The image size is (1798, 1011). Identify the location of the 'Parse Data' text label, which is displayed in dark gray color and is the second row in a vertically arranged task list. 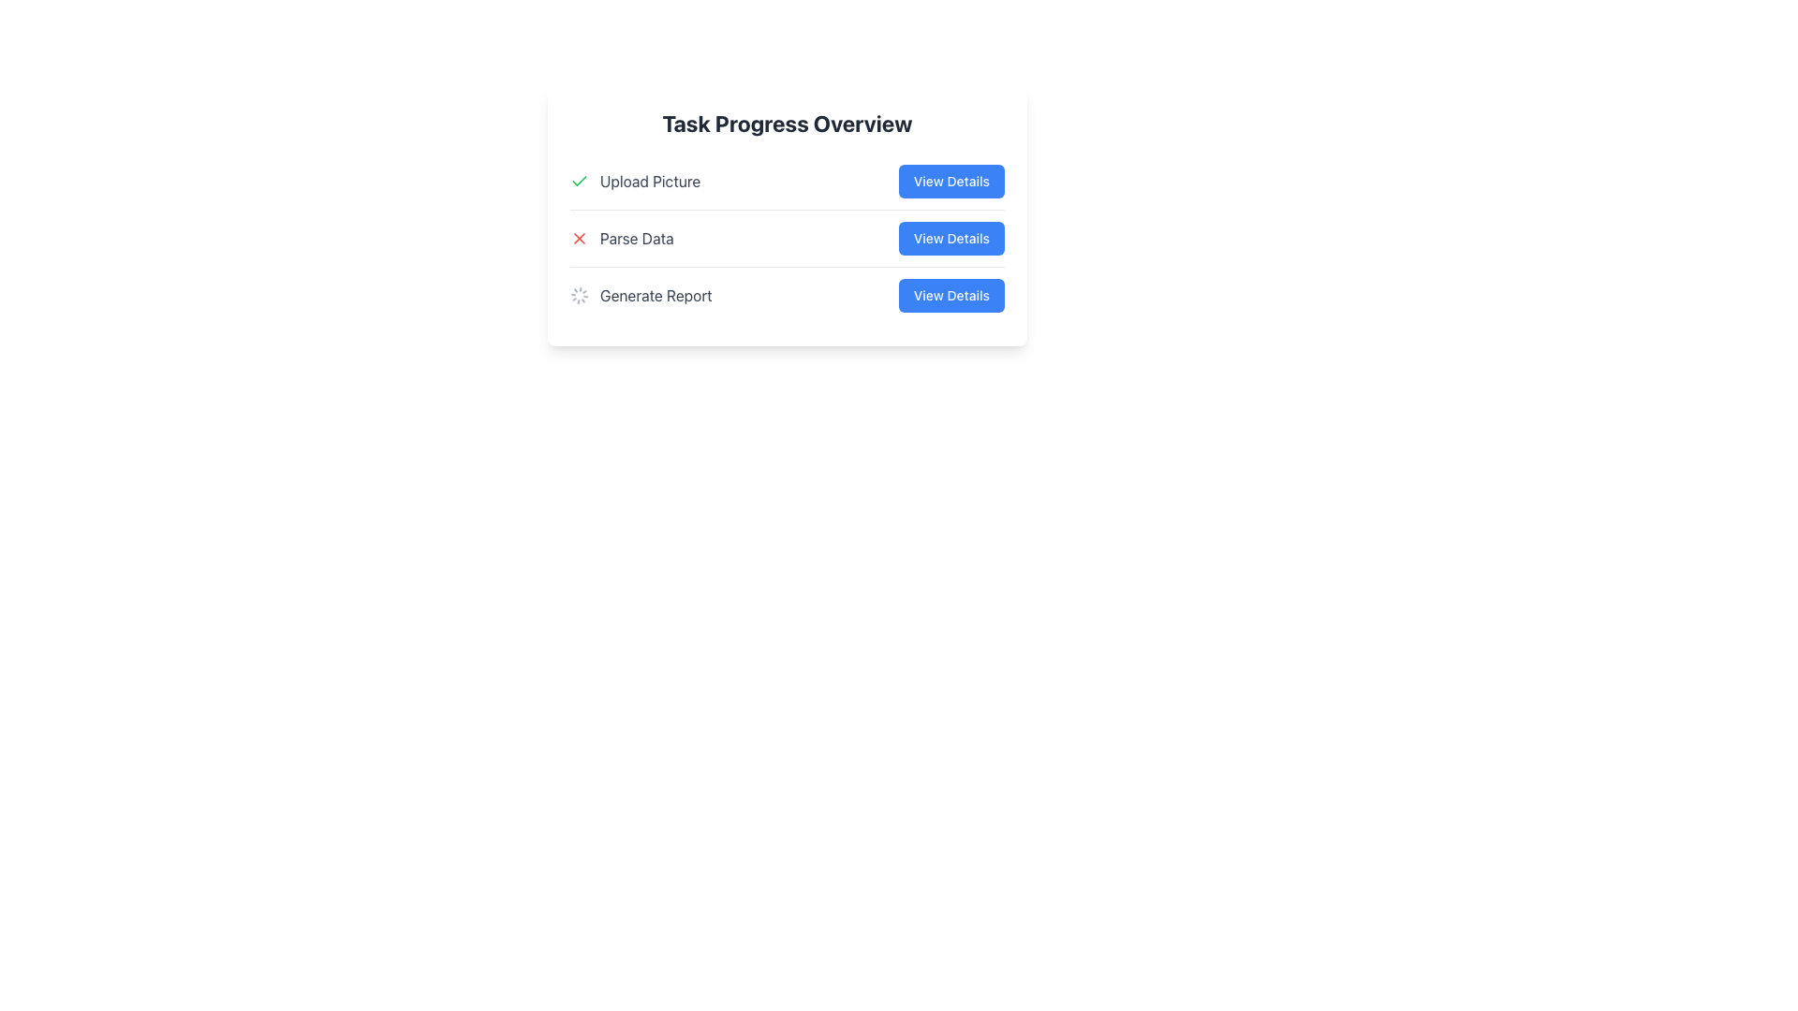
(637, 237).